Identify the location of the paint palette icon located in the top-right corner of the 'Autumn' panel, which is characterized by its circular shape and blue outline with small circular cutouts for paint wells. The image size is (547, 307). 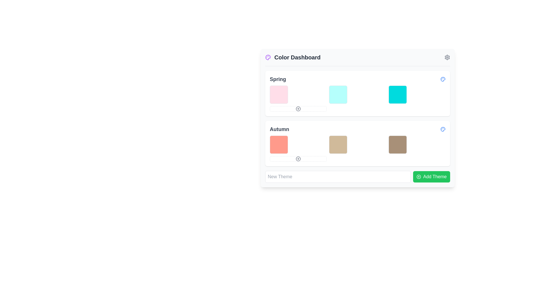
(443, 79).